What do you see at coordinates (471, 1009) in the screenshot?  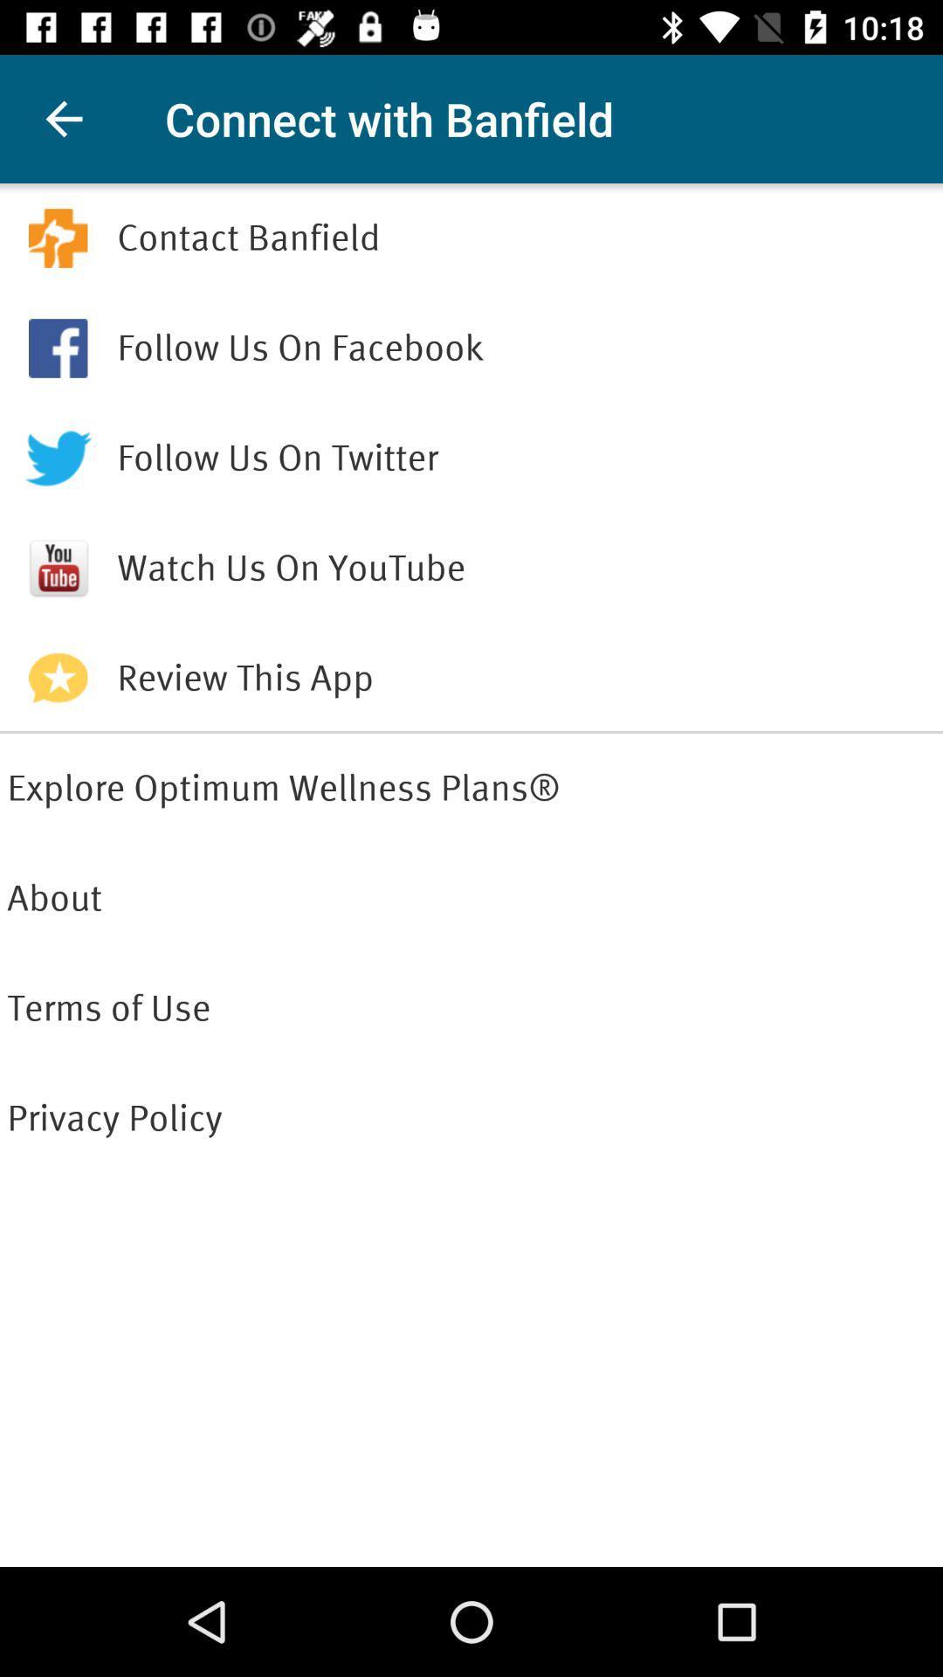 I see `terms of use icon` at bounding box center [471, 1009].